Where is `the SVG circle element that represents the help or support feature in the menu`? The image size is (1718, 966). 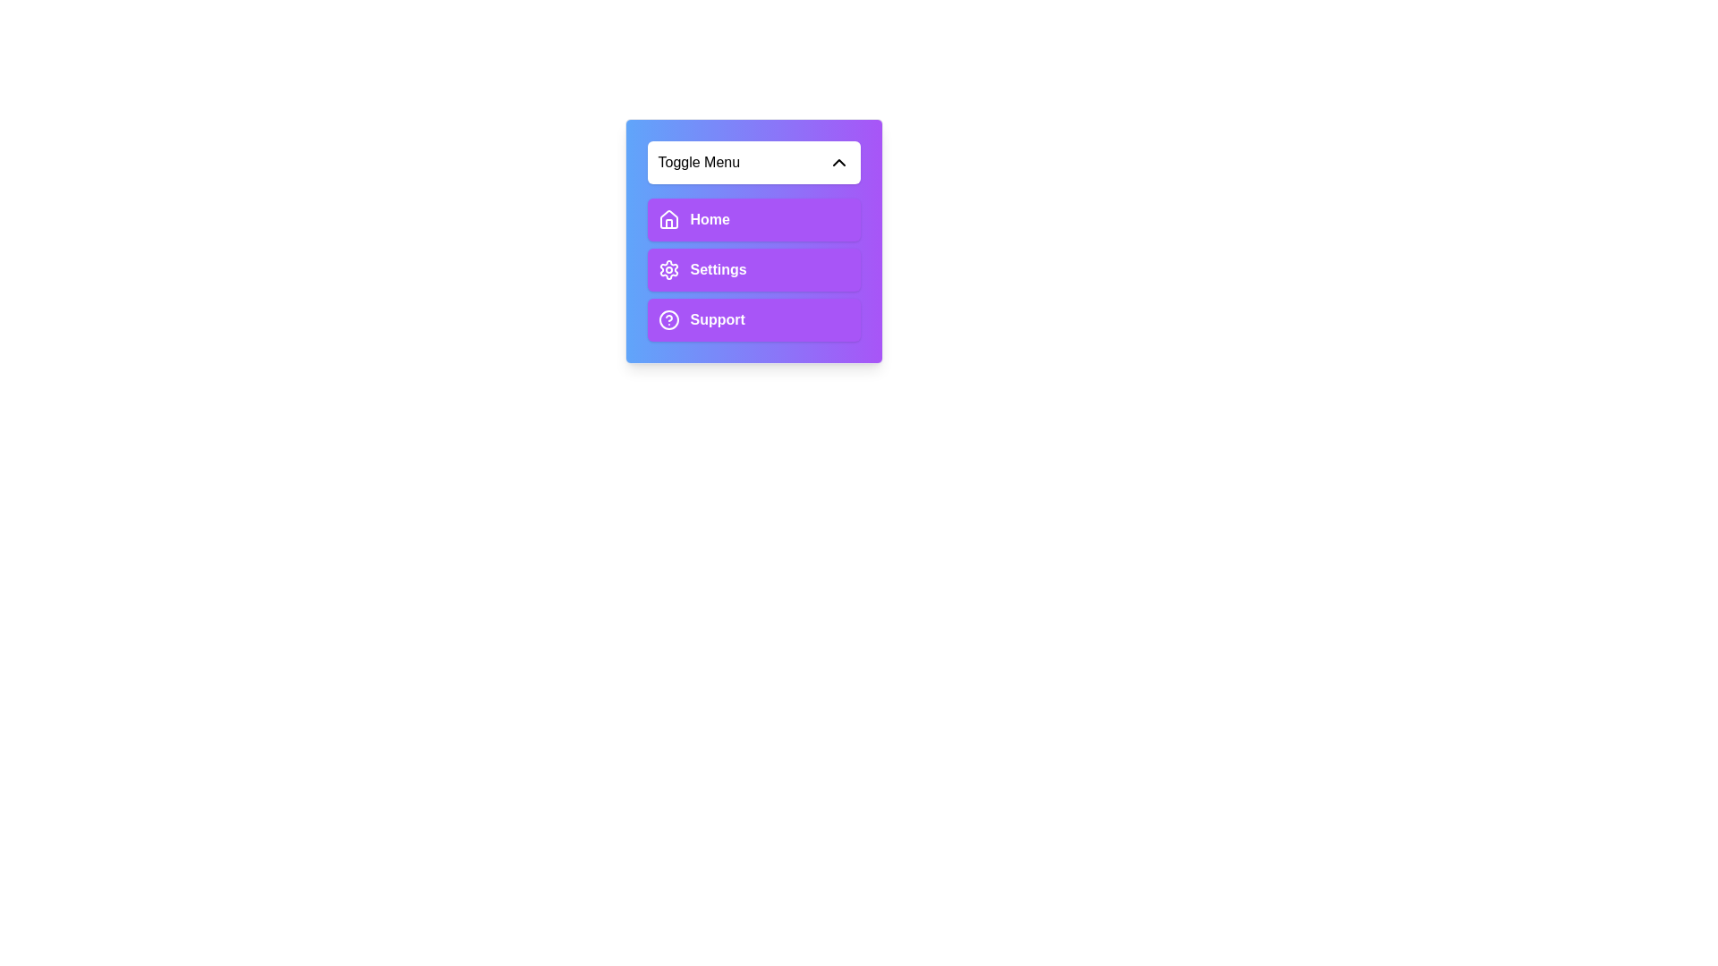
the SVG circle element that represents the help or support feature in the menu is located at coordinates (668, 319).